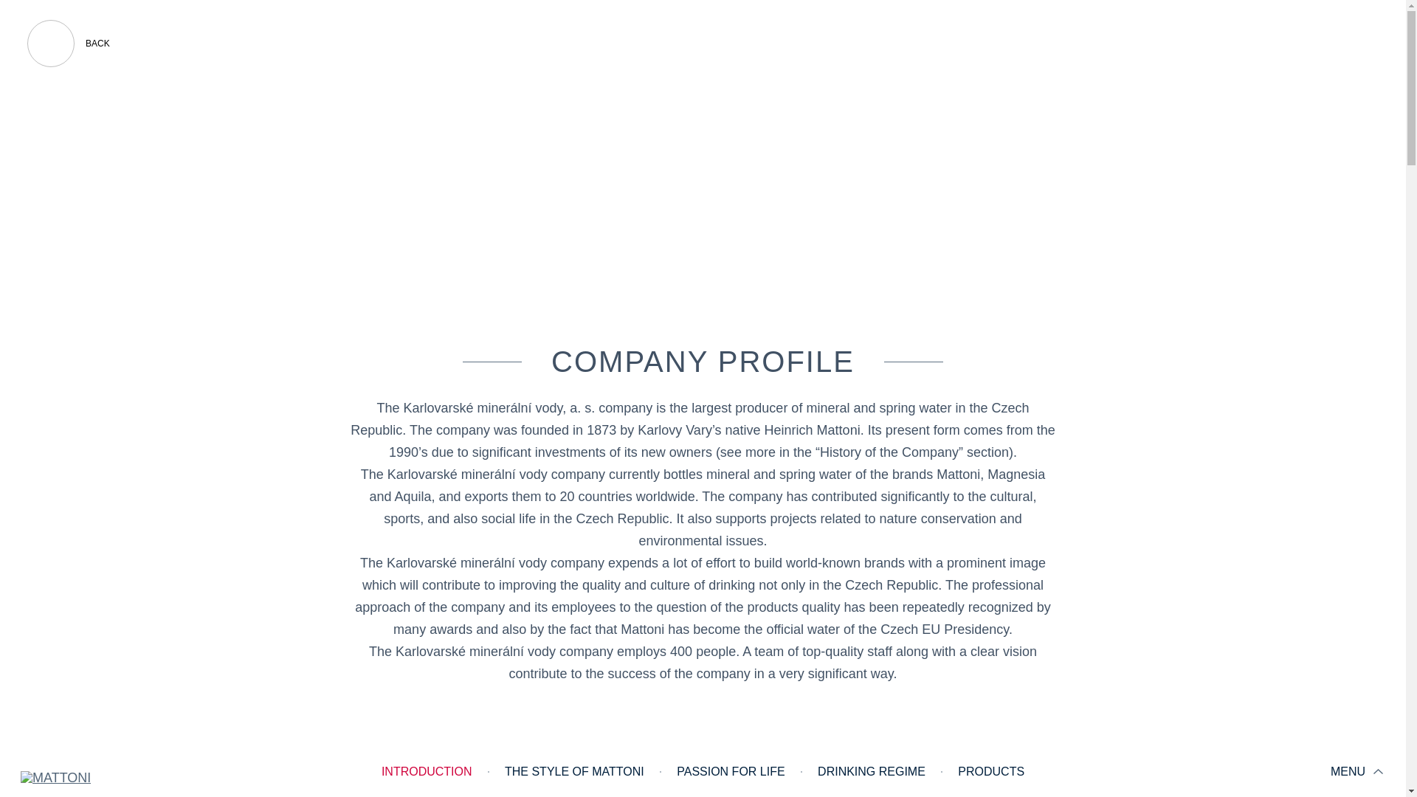 This screenshot has height=797, width=1417. What do you see at coordinates (573, 770) in the screenshot?
I see `'THE STYLE OF MATTONI'` at bounding box center [573, 770].